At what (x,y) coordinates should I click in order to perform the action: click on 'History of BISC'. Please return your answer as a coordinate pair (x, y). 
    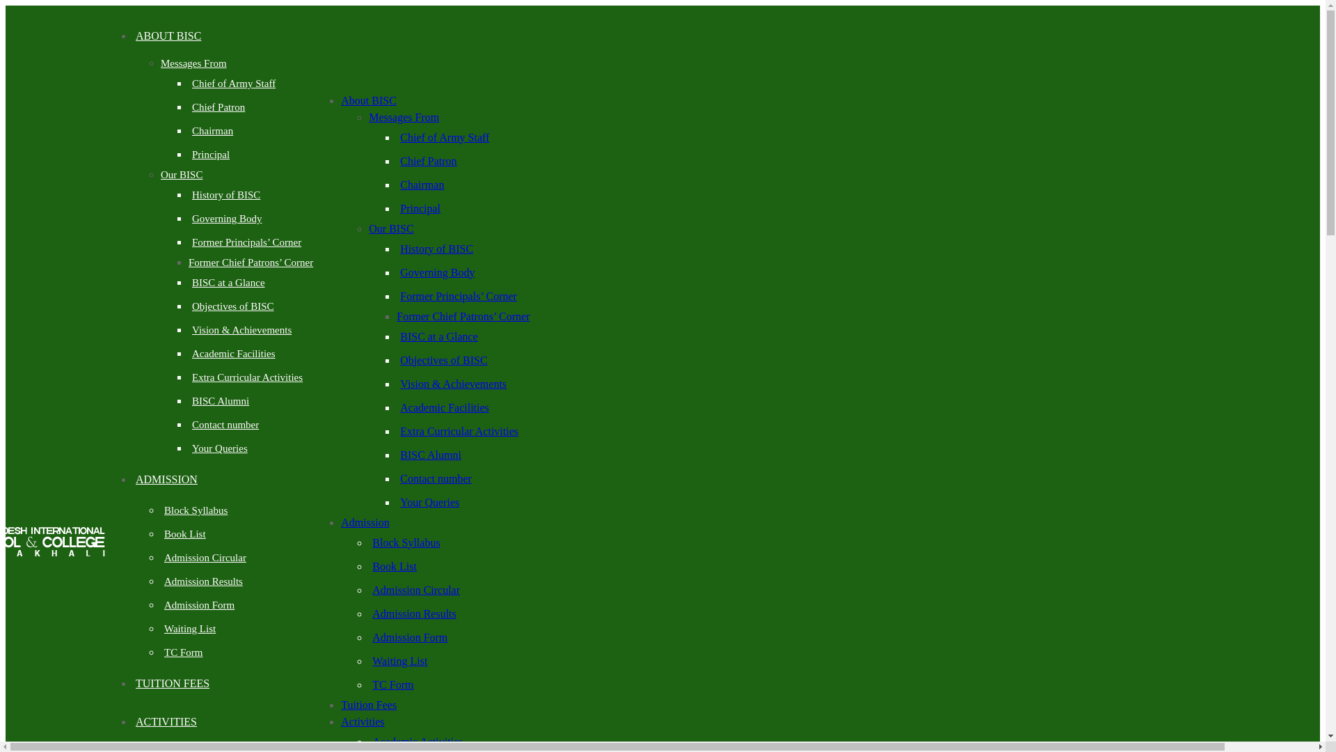
    Looking at the image, I should click on (399, 247).